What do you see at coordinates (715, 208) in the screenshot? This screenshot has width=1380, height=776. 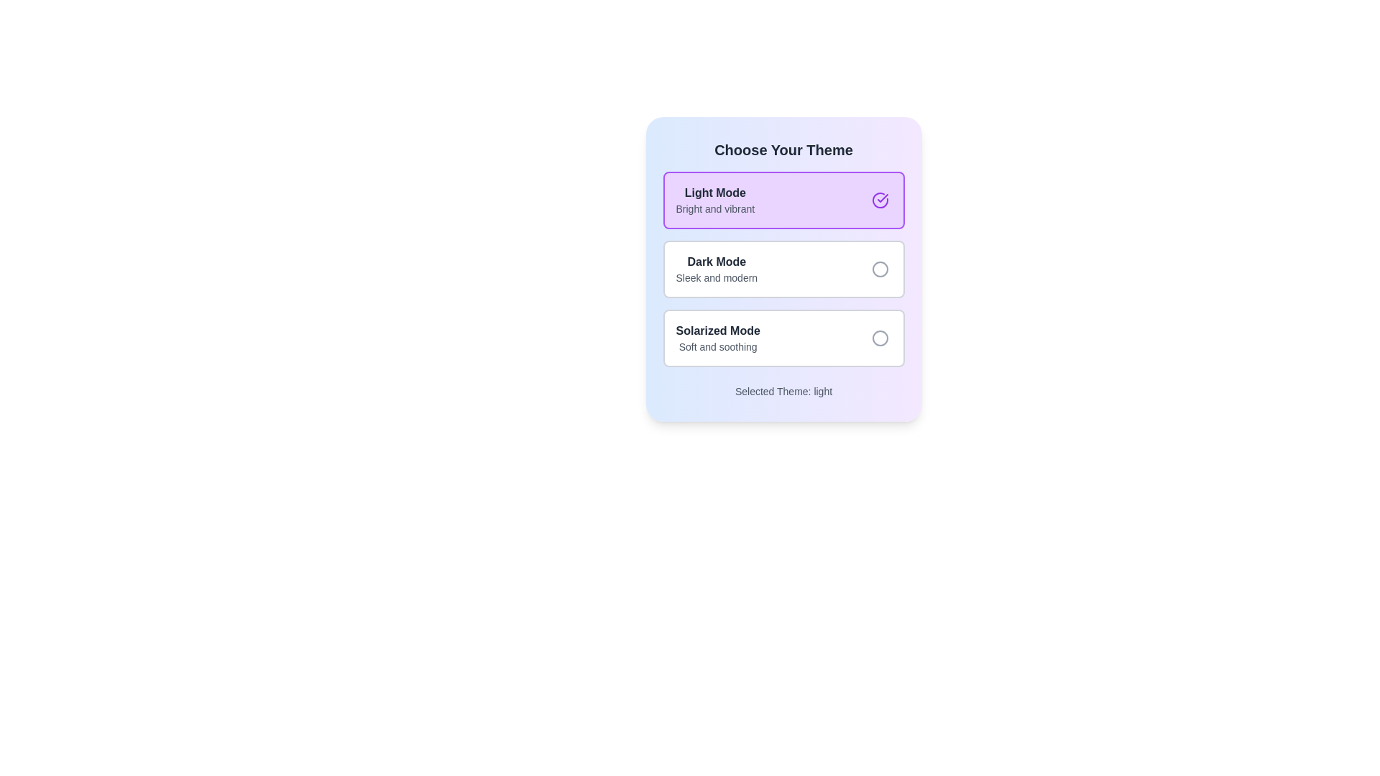 I see `the Text Display element that provides additional context for the 'Light Mode' option in the theme selection interface, located beneath the 'Light Mode' title` at bounding box center [715, 208].